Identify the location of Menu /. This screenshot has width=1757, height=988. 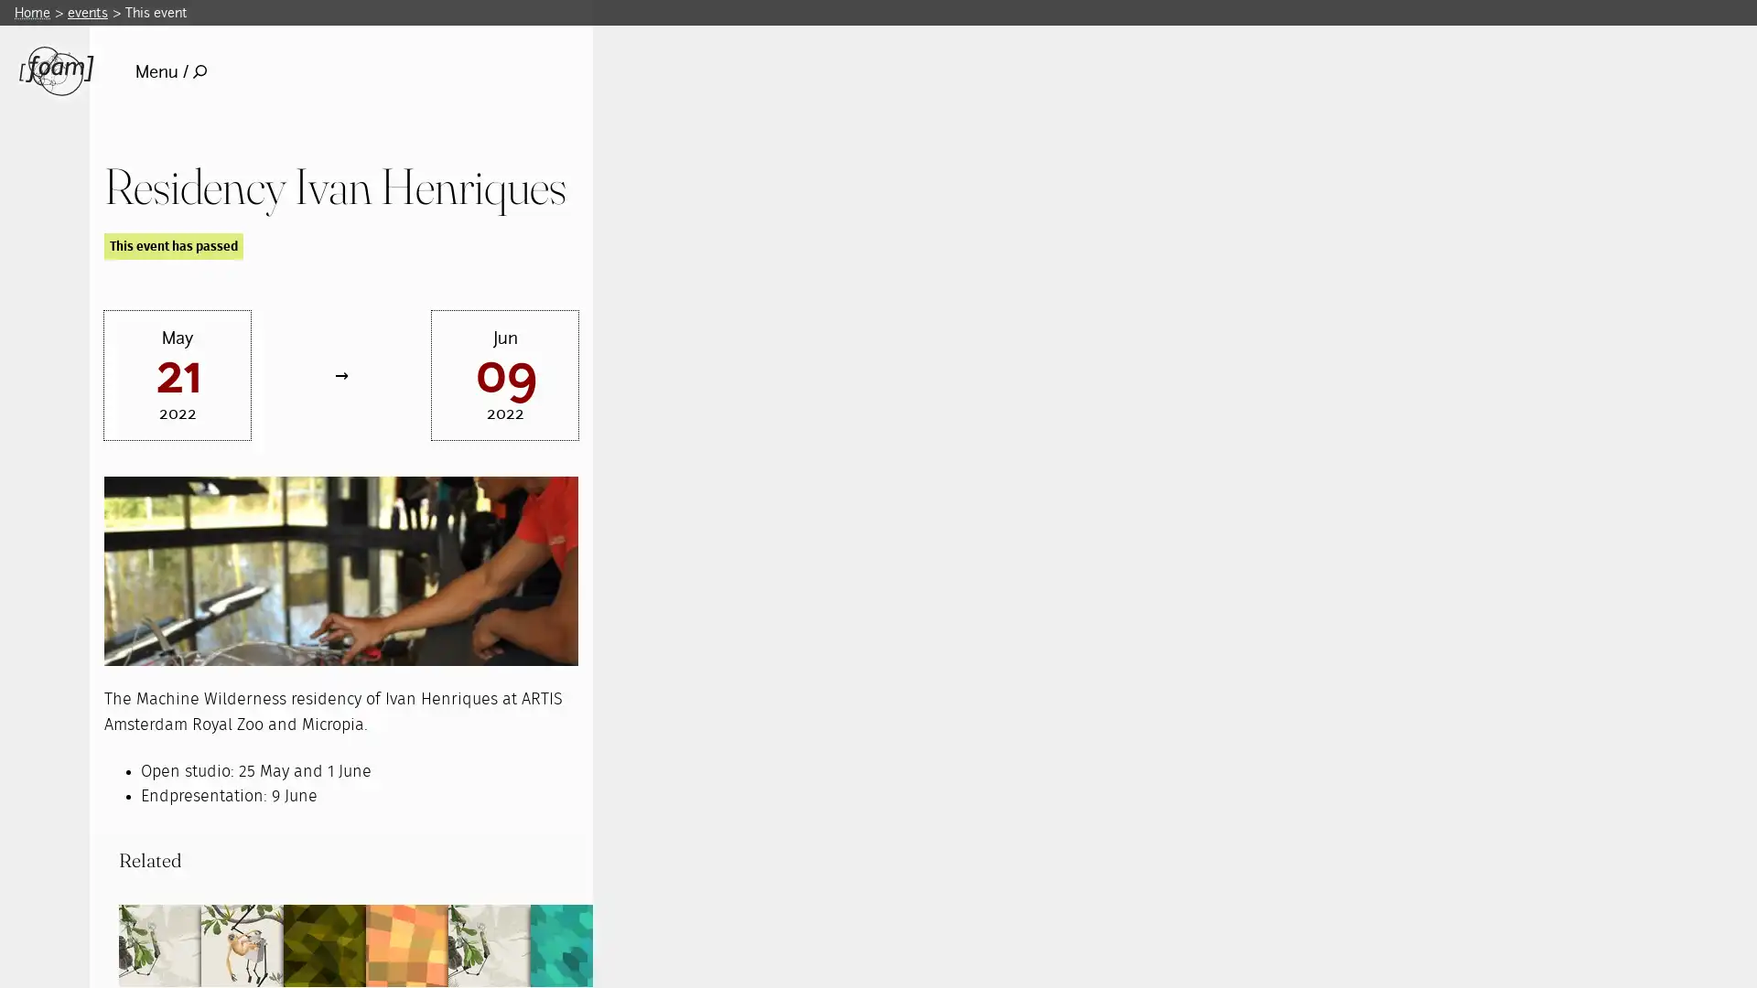
(170, 70).